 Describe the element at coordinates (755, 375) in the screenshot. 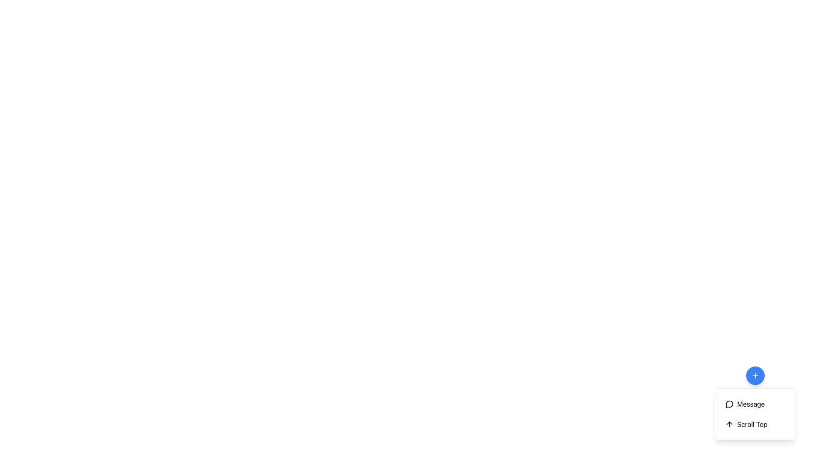

I see `the small plus icon with a circular blue background located at the bottom-right corner of the interface, above the pop-up menu` at that location.